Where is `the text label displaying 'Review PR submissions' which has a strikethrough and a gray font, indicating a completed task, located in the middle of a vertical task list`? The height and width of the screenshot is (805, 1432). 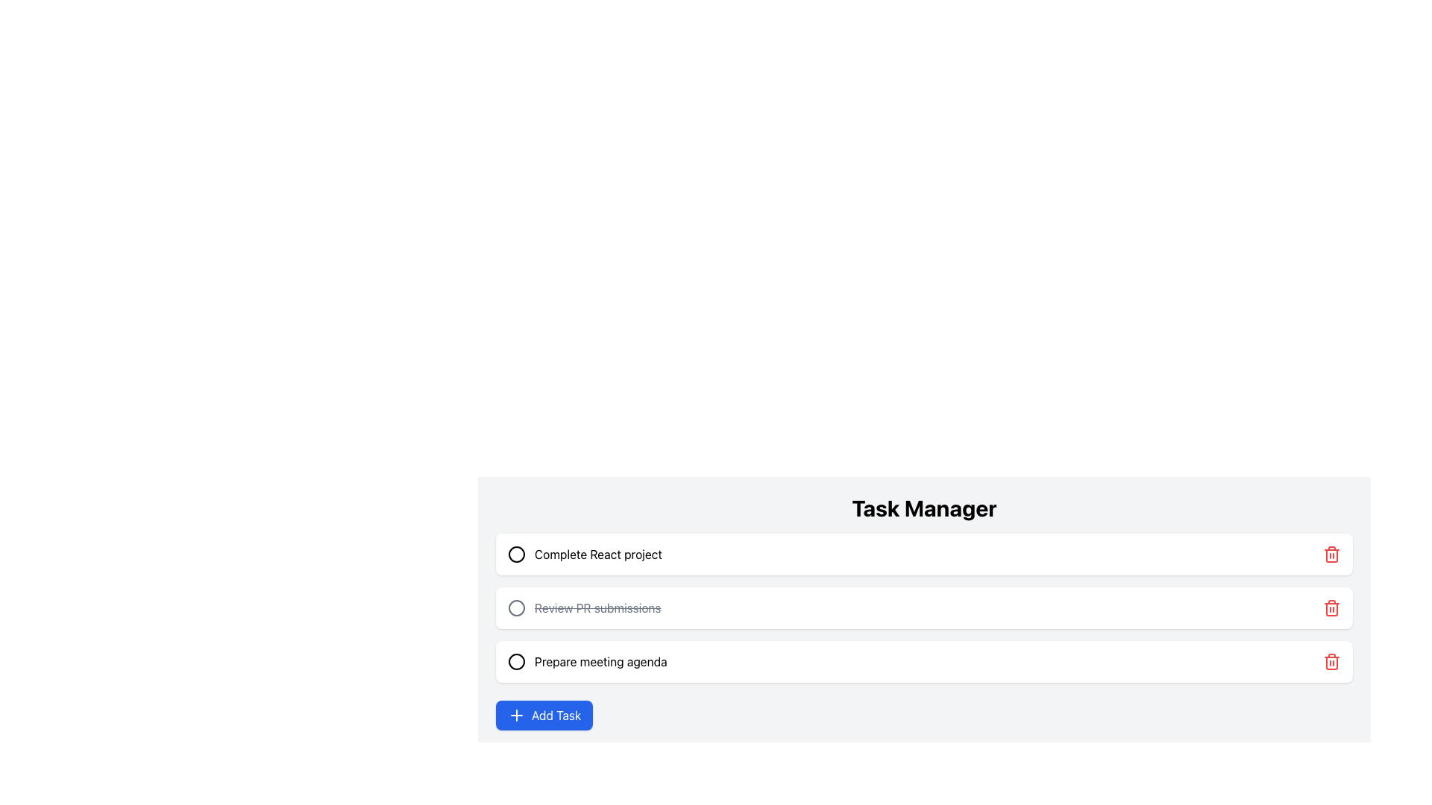 the text label displaying 'Review PR submissions' which has a strikethrough and a gray font, indicating a completed task, located in the middle of a vertical task list is located at coordinates (597, 608).